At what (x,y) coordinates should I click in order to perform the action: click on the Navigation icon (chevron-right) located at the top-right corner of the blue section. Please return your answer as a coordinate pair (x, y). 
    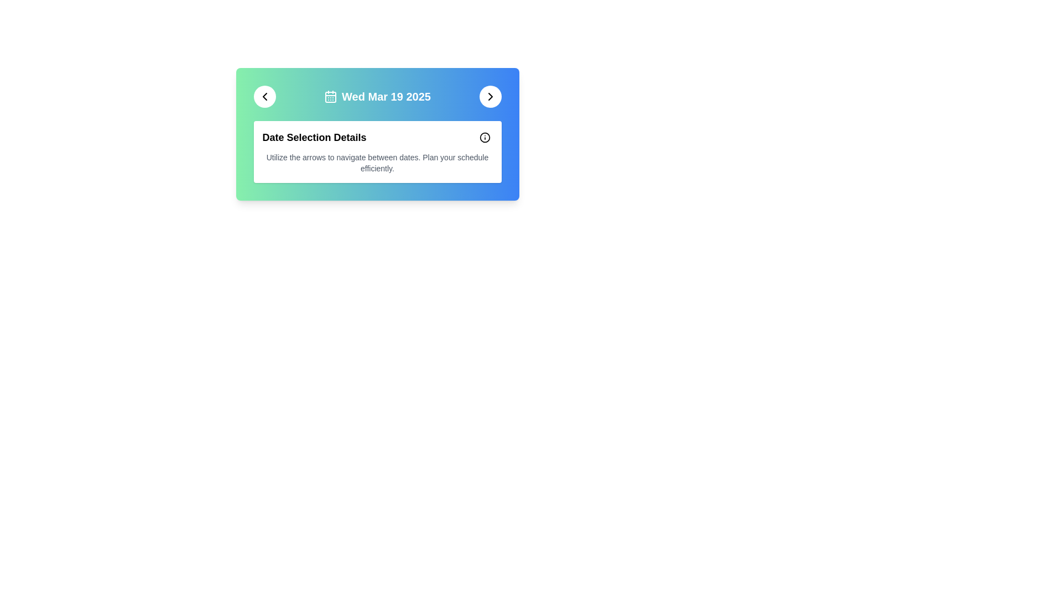
    Looking at the image, I should click on (490, 96).